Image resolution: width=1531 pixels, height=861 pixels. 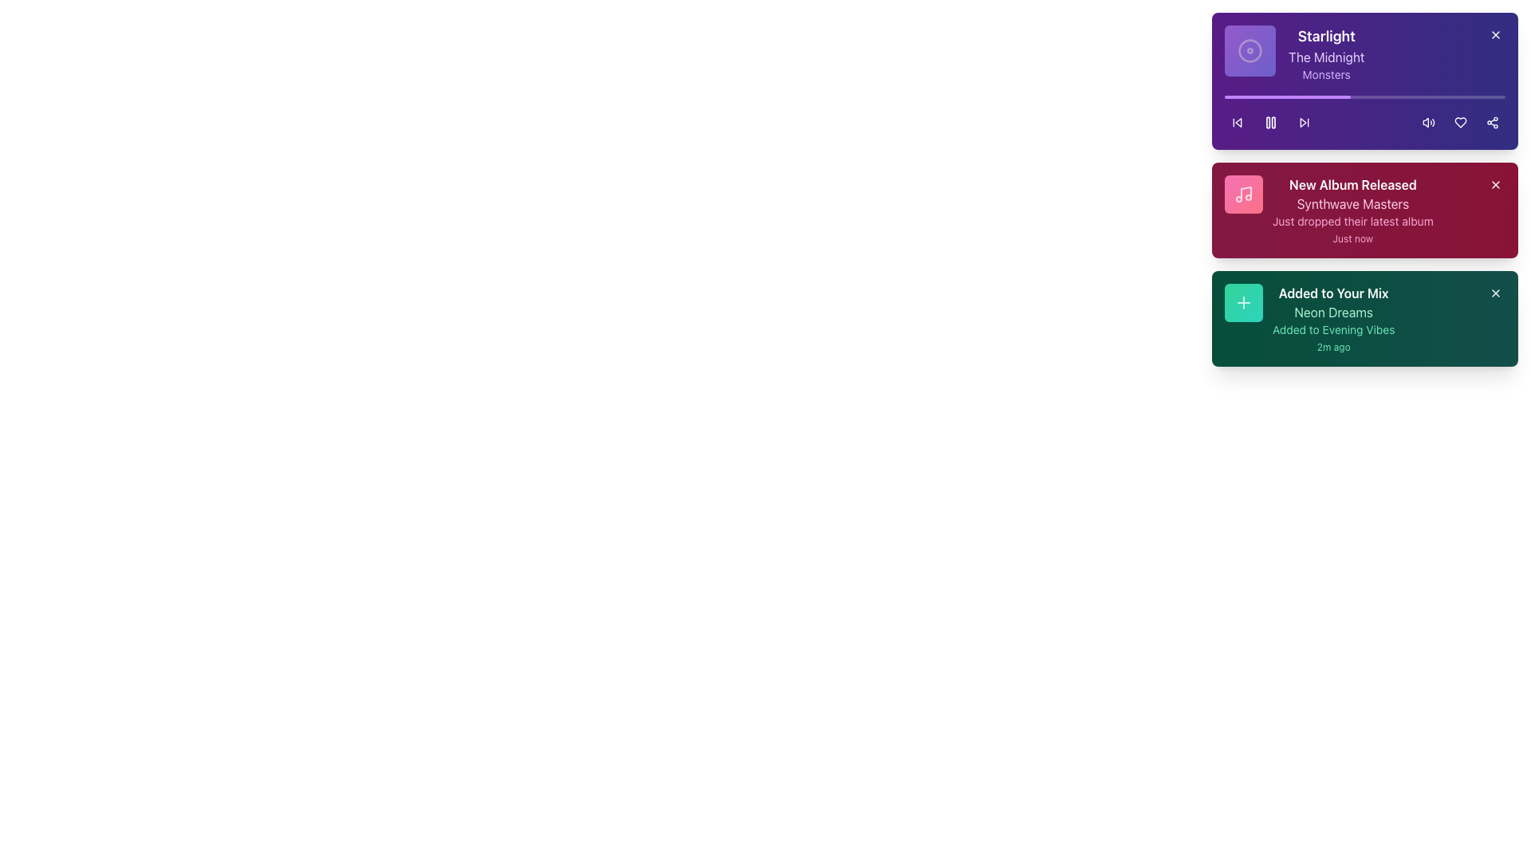 I want to click on the pink music note icon on the left side of the 'New Album Released' card in the vertical notification list, so click(x=1243, y=193).